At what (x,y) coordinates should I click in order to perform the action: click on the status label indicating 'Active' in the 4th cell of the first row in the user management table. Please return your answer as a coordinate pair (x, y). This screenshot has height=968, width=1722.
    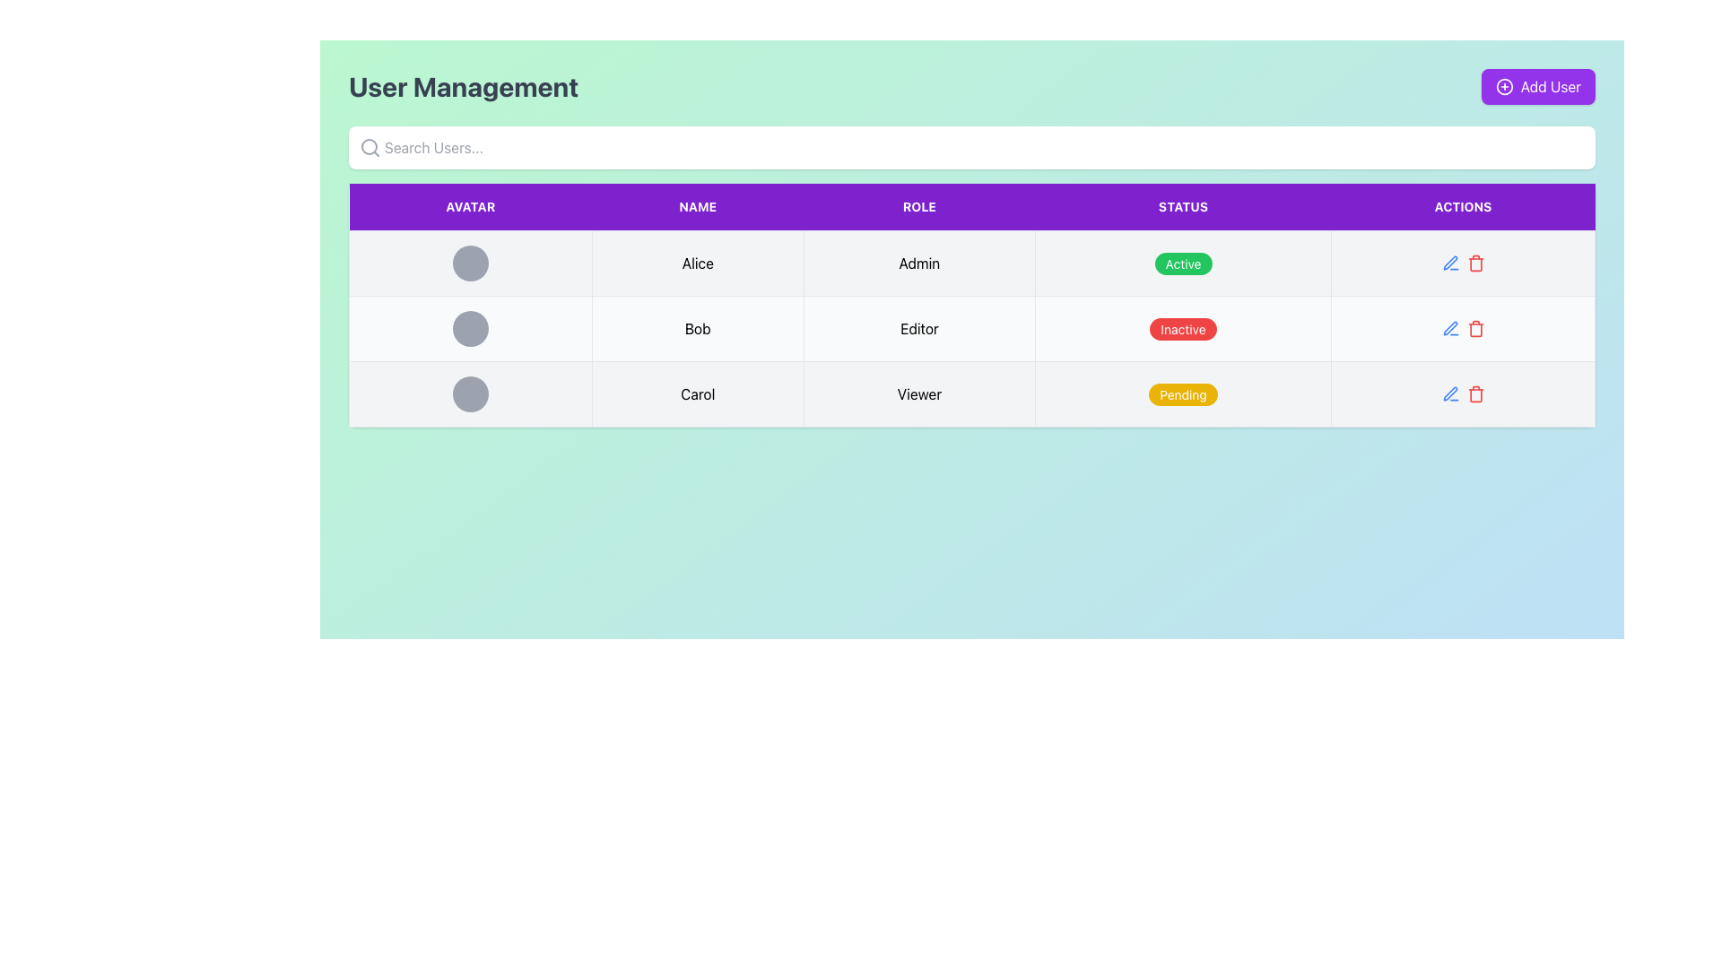
    Looking at the image, I should click on (1183, 263).